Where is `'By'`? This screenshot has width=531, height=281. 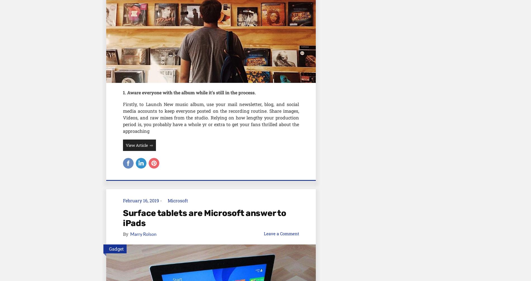
'By' is located at coordinates (126, 233).